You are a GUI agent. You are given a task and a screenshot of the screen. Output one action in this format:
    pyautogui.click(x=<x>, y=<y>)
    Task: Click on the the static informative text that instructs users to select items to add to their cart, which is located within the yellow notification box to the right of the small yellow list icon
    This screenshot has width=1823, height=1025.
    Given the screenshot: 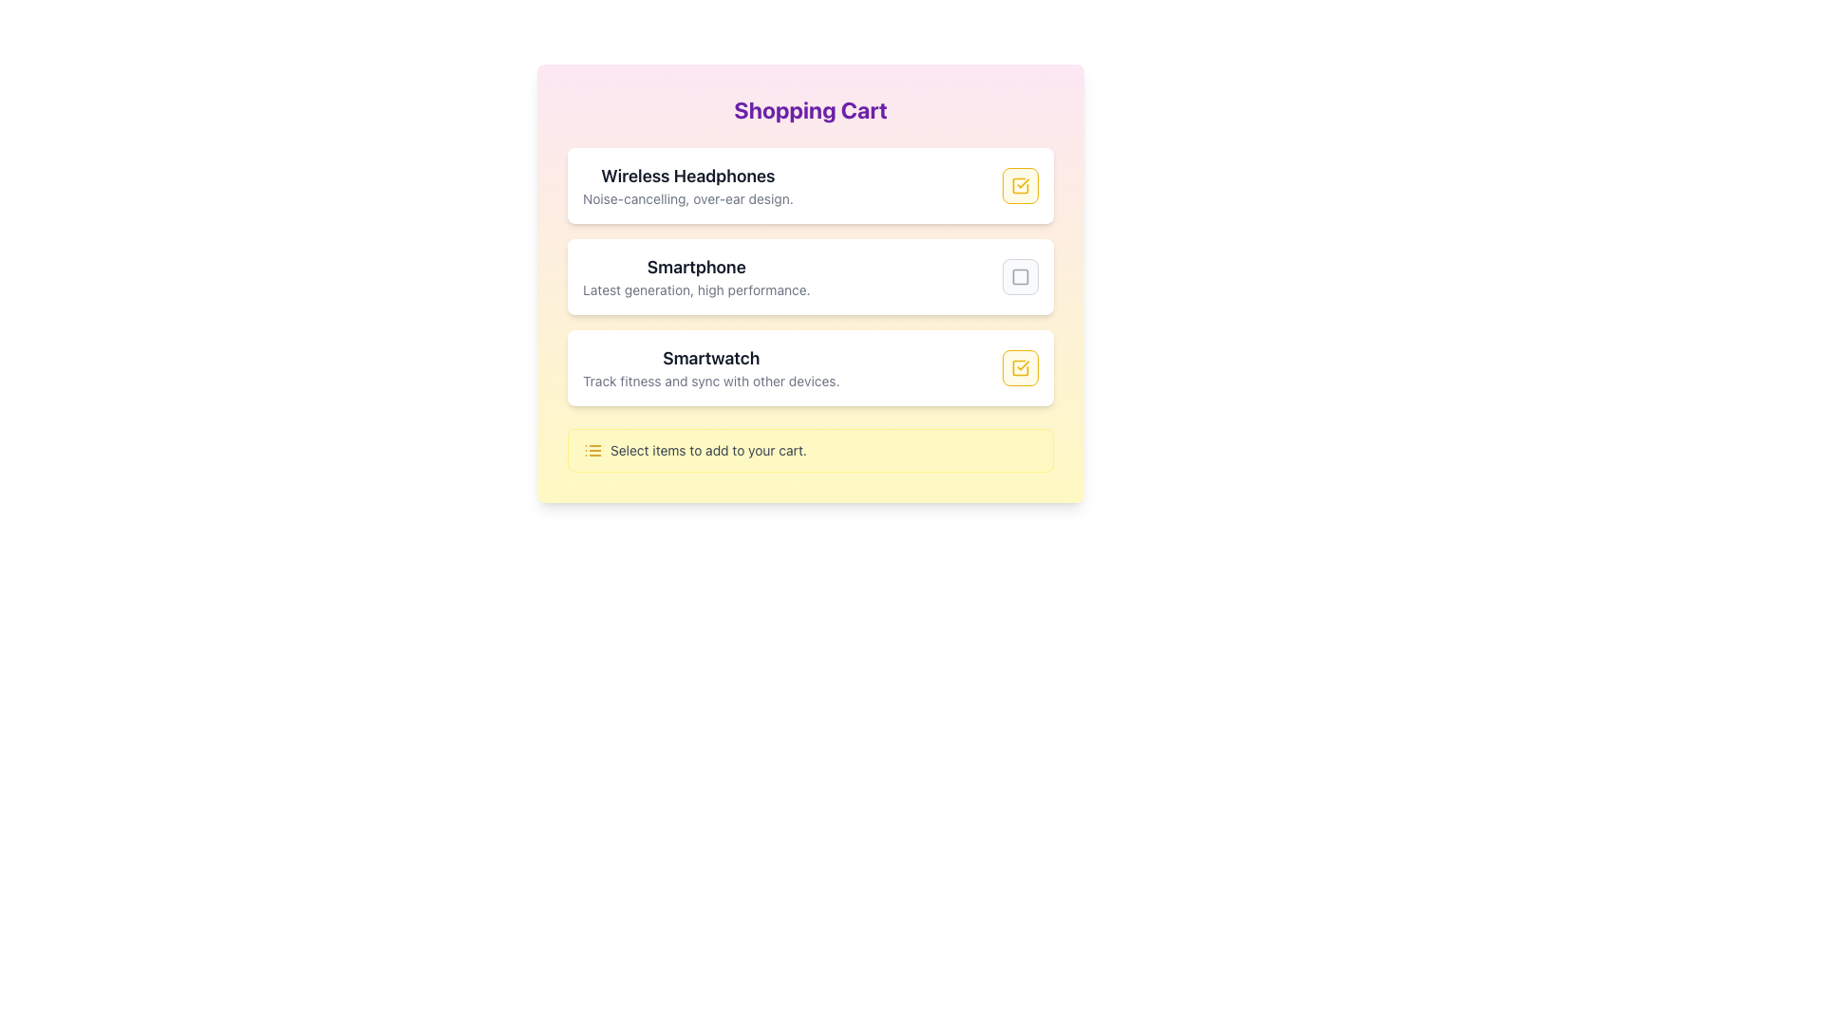 What is the action you would take?
    pyautogui.click(x=707, y=450)
    